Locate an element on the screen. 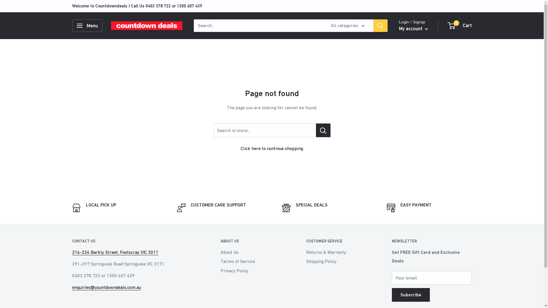  'About Us' is located at coordinates (220, 252).